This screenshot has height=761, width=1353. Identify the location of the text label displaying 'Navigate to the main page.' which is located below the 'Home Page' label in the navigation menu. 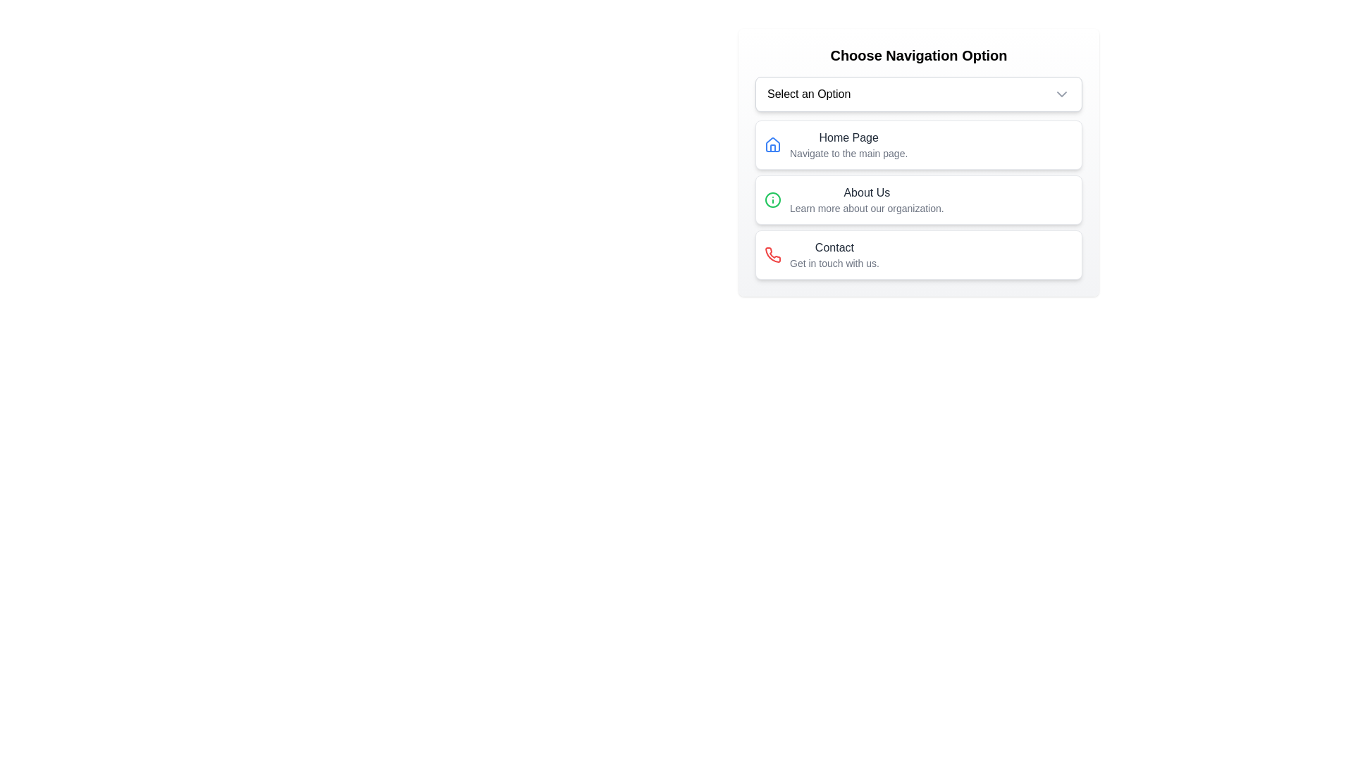
(848, 154).